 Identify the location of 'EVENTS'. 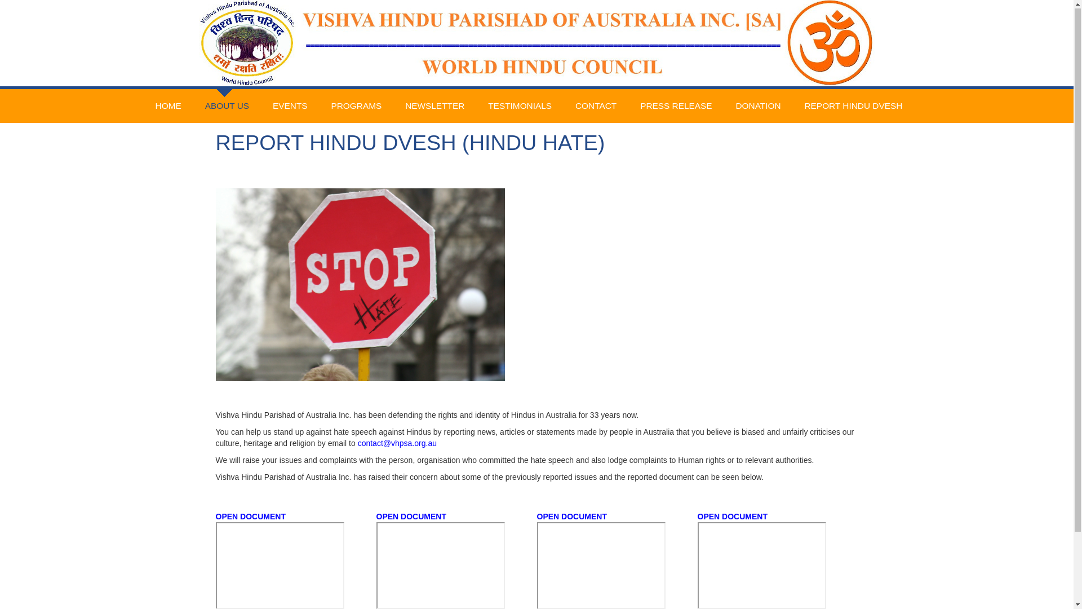
(290, 107).